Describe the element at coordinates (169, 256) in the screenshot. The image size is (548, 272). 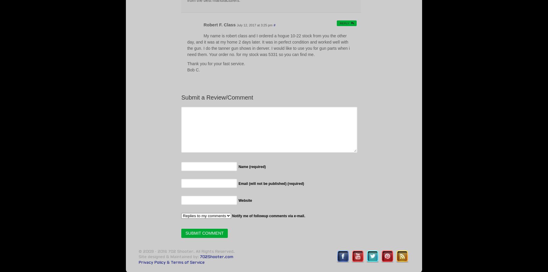
I see `'Site designed & Maintained by:'` at that location.